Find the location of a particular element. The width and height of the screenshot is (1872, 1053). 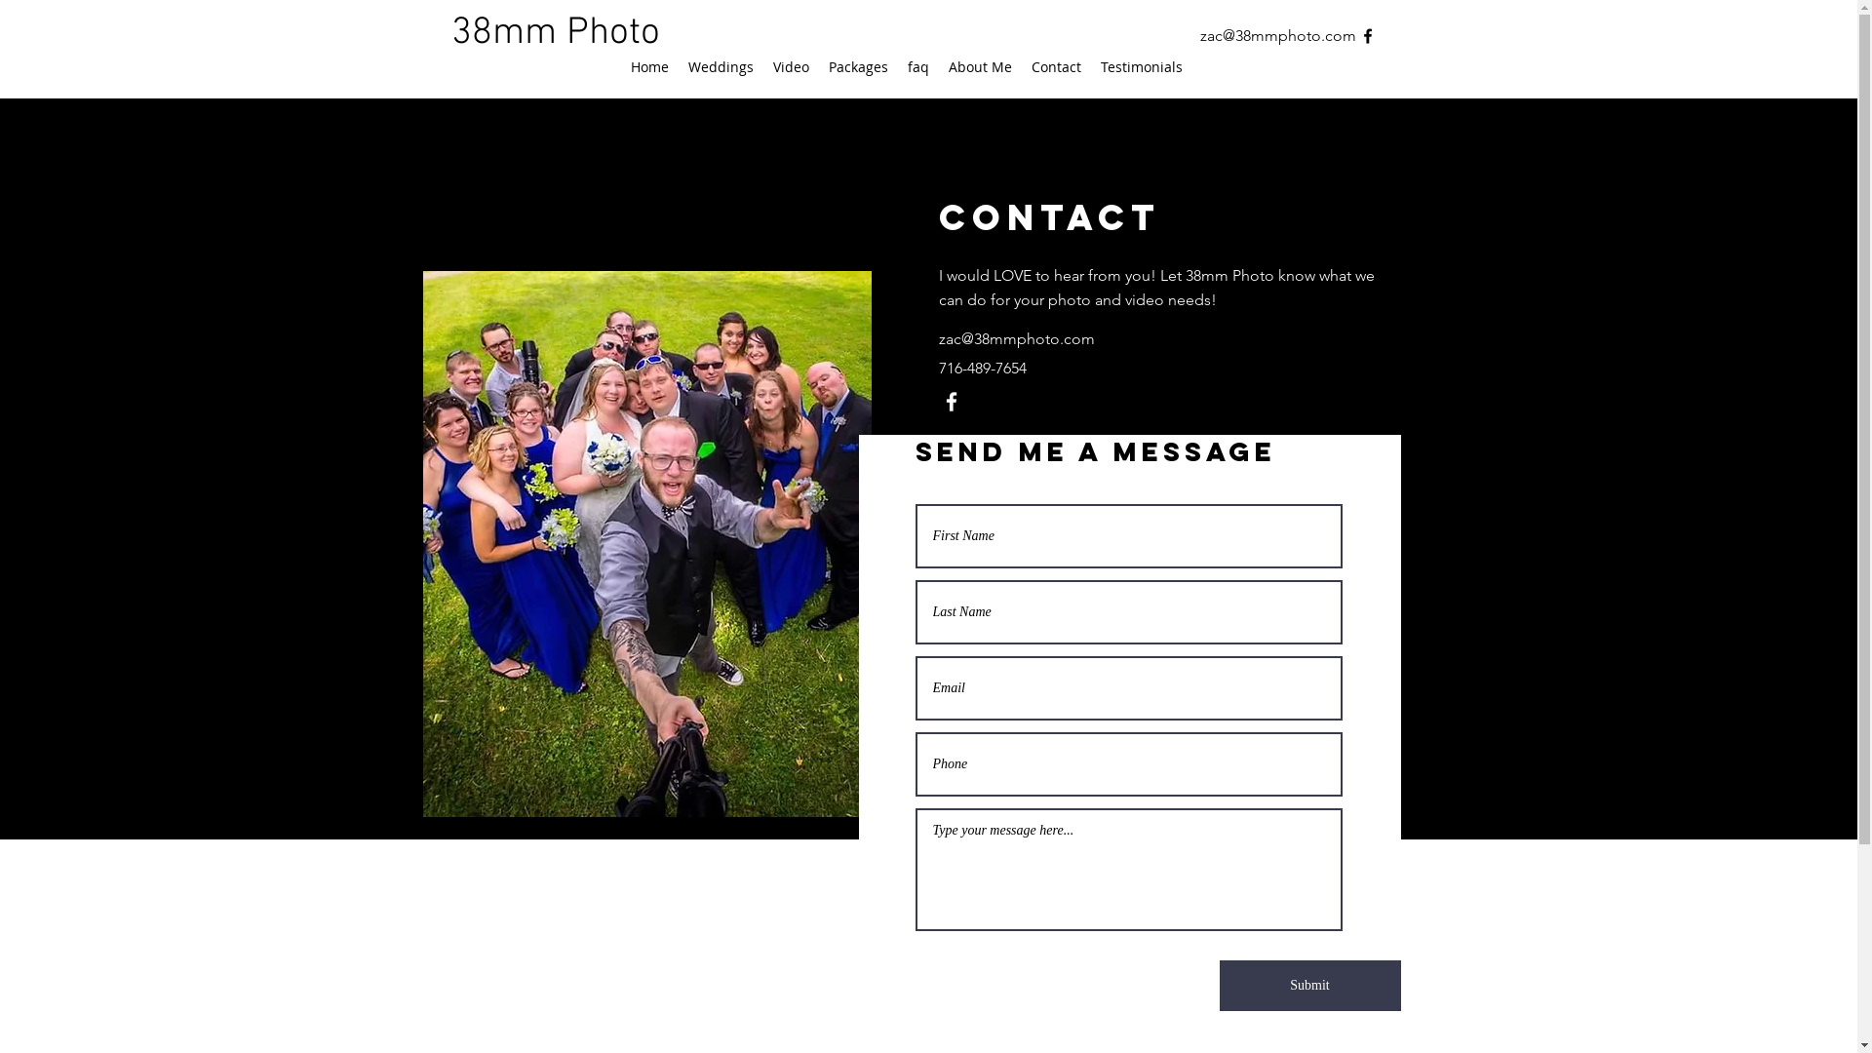

'Contact' is located at coordinates (1055, 66).